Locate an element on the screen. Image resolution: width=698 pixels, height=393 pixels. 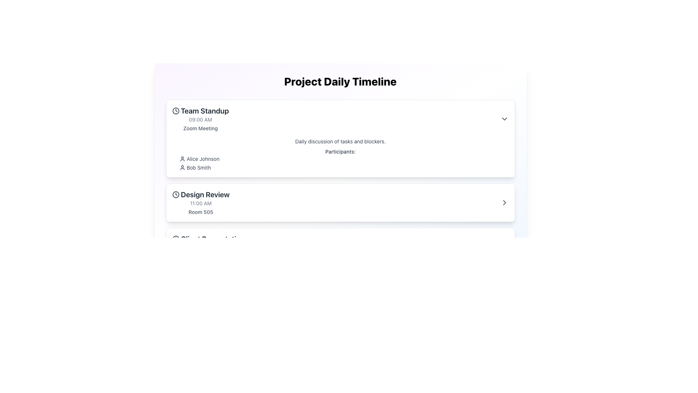
the Event card representing the meeting entry located between 'Team Standup' and 'Client Presentation' in the timeline is located at coordinates (340, 202).